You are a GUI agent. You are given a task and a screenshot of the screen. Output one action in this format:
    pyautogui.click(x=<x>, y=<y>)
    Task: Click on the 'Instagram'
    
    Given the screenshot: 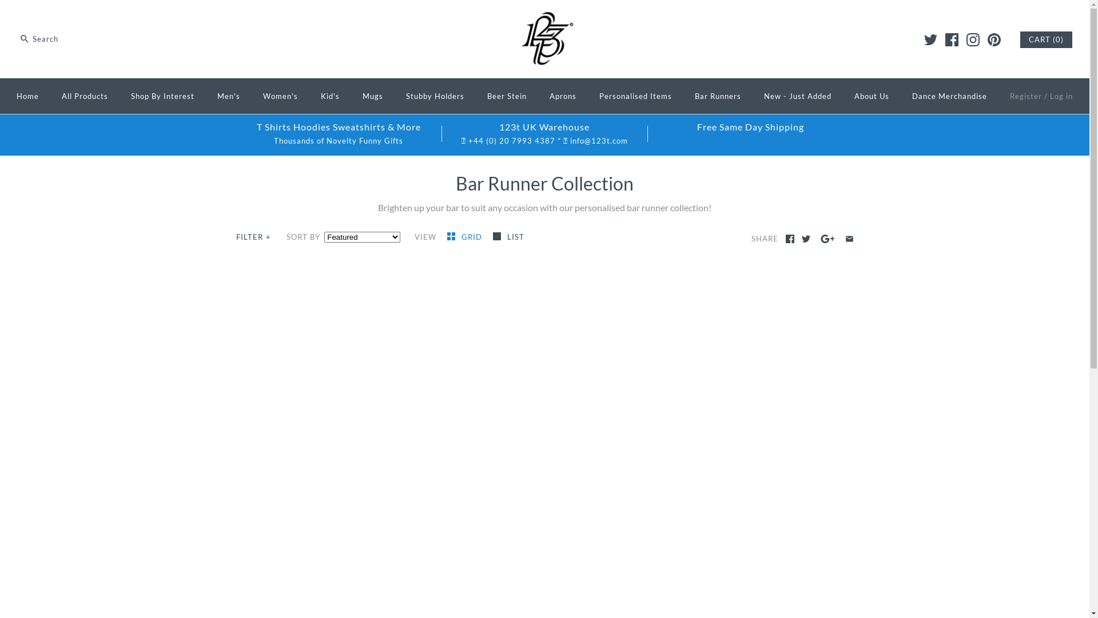 What is the action you would take?
    pyautogui.click(x=972, y=39)
    